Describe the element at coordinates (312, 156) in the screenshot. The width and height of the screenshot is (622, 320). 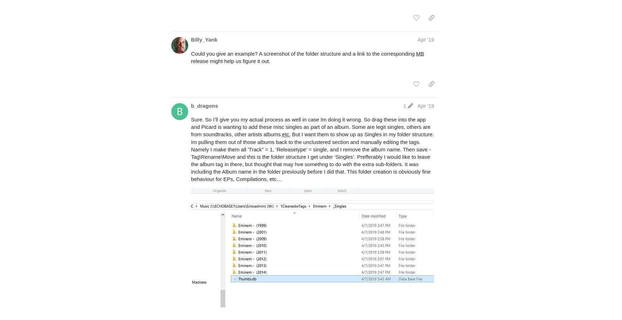
I see `'But I want them to show up as Singles in my folder structure. Im pulling them out of those albums back to the unclustered section and manually editing the tags.  Namely I make them all 'Track" = 1, ‘Releasetype’ = single, and I remove the album name.   Then save - Tag\Rename\Move and this is the folder structure I get under ‘Singles’.  Prefferably I would like to leave the album tag in there, but thought that may hve somethng to do with the extra sub-folders.  It was including the Album name in the folder previously before I did that. This folder creation is obviously fine behaviour for EPs, Compilations, etc…'` at that location.